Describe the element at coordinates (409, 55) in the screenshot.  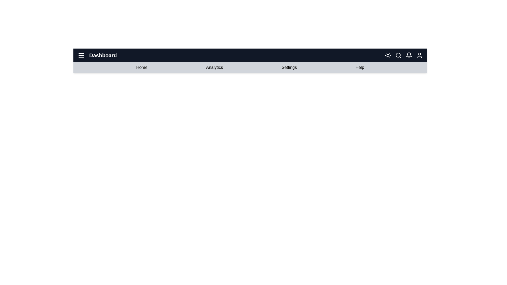
I see `the bell icon to view notifications` at that location.